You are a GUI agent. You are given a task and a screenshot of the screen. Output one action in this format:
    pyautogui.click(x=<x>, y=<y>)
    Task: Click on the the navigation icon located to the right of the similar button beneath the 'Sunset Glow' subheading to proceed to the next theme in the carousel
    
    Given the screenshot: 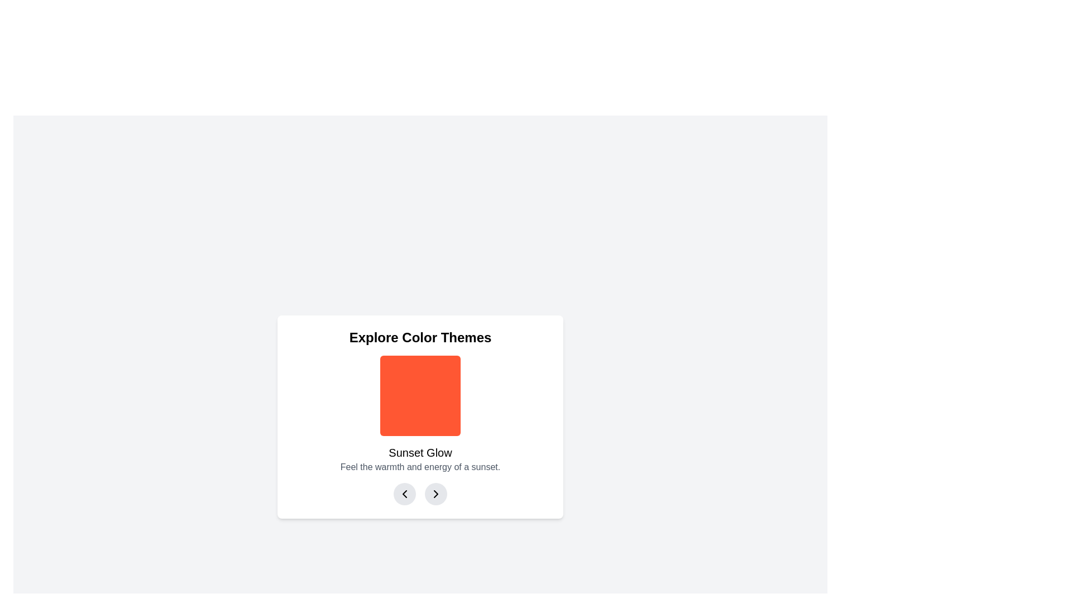 What is the action you would take?
    pyautogui.click(x=435, y=493)
    